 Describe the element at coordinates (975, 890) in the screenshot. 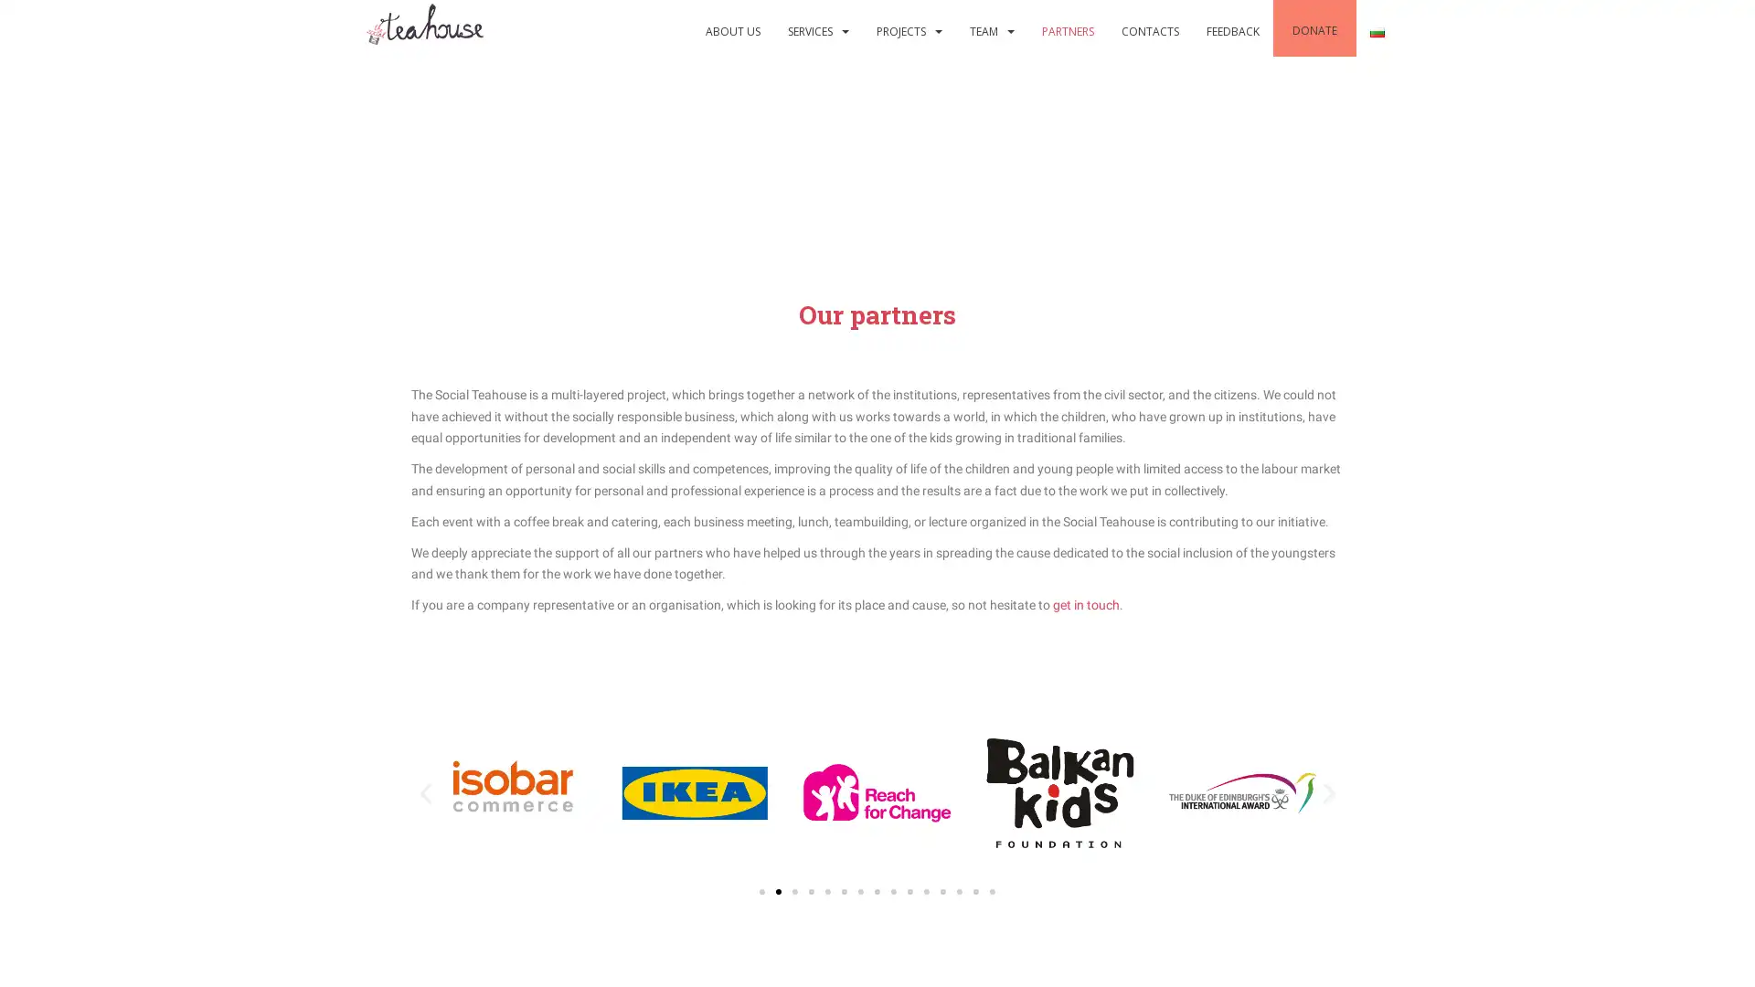

I see `Go to slide 14` at that location.